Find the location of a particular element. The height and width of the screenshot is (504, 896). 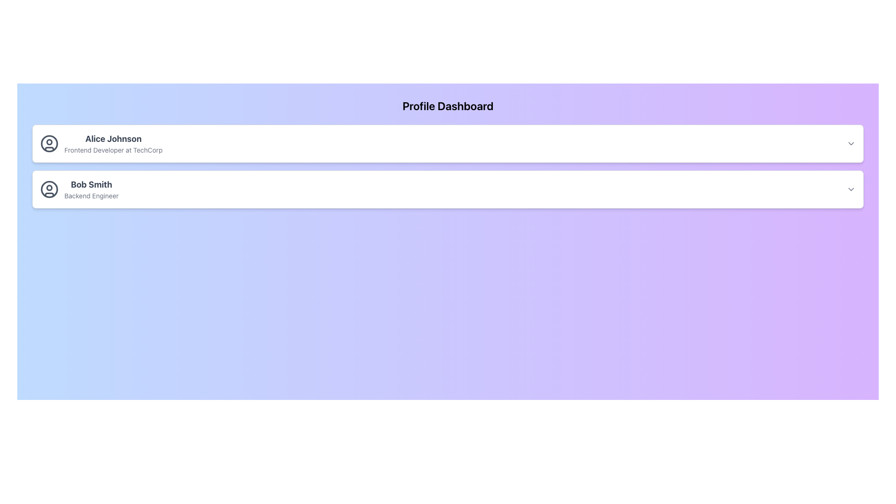

the linked actions associated with the profile display of 'Alice Johnson', the first entry in the profile list is located at coordinates (101, 144).